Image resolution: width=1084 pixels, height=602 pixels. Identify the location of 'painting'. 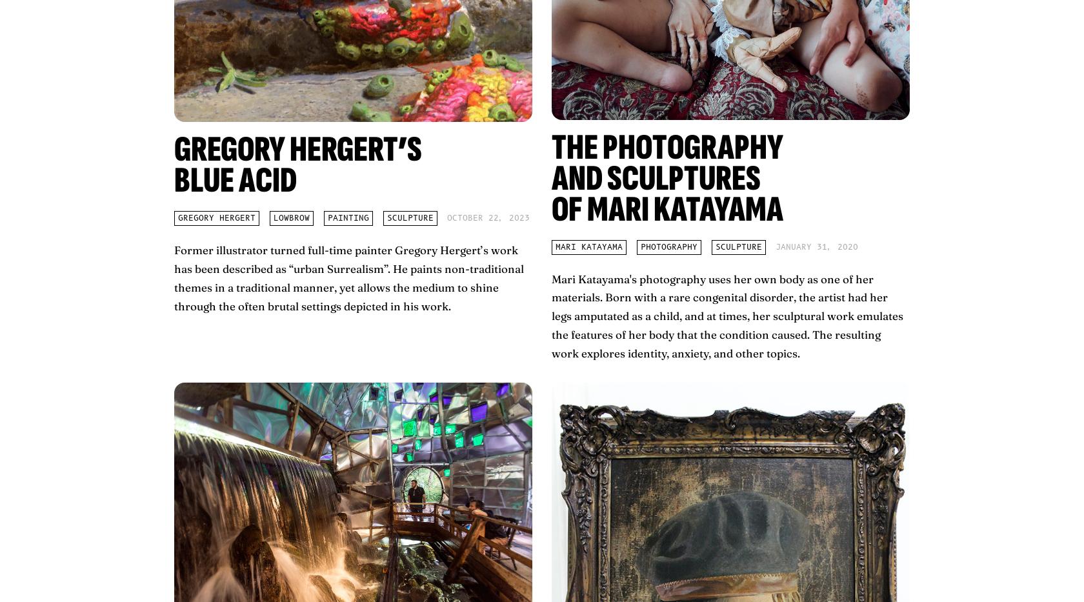
(348, 217).